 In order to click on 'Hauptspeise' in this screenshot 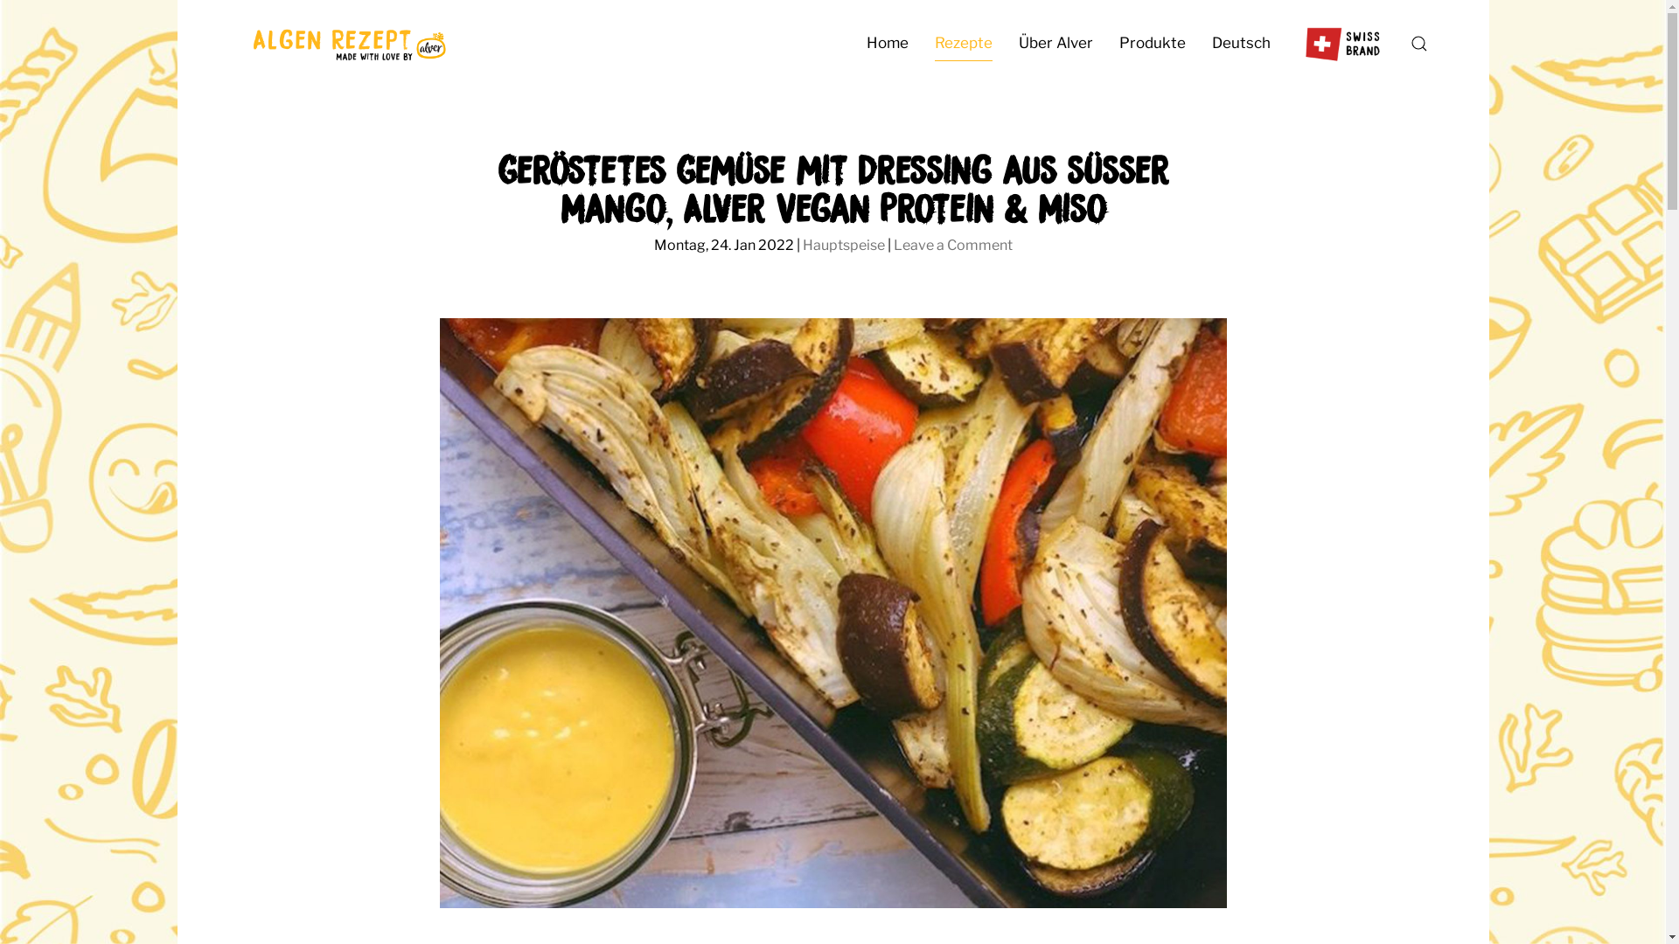, I will do `click(843, 245)`.